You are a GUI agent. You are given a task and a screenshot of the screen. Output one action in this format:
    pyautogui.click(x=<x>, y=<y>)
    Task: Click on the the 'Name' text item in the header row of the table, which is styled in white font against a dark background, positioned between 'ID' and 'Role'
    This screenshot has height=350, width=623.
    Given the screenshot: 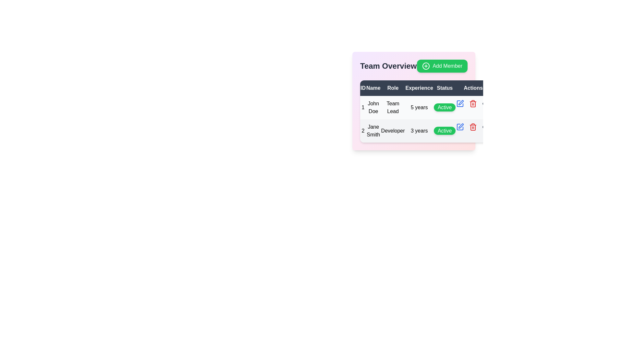 What is the action you would take?
    pyautogui.click(x=373, y=88)
    